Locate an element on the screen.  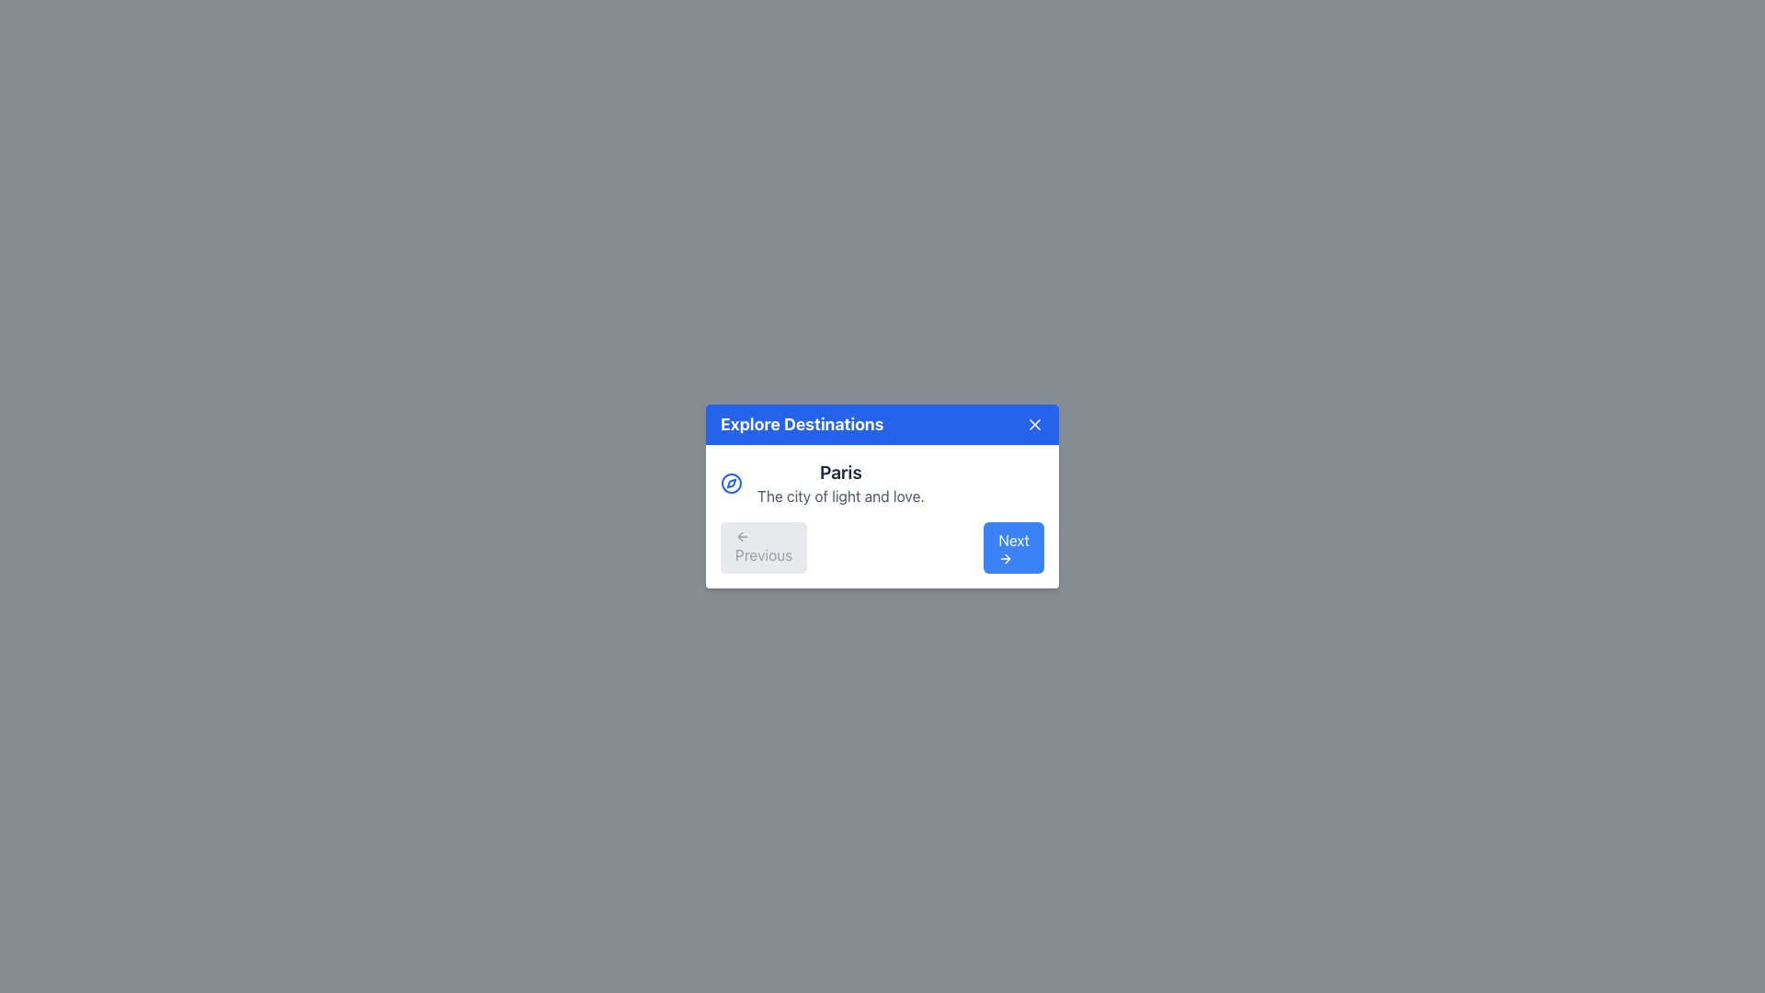
the close button located at the top-right corner of the modal dialog is located at coordinates (1035, 425).